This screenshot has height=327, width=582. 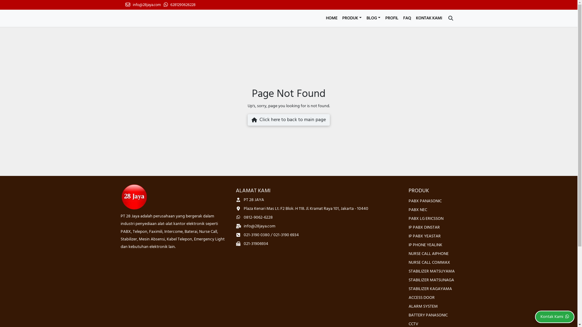 What do you see at coordinates (430, 289) in the screenshot?
I see `'STABILIZER KAGAYAMA'` at bounding box center [430, 289].